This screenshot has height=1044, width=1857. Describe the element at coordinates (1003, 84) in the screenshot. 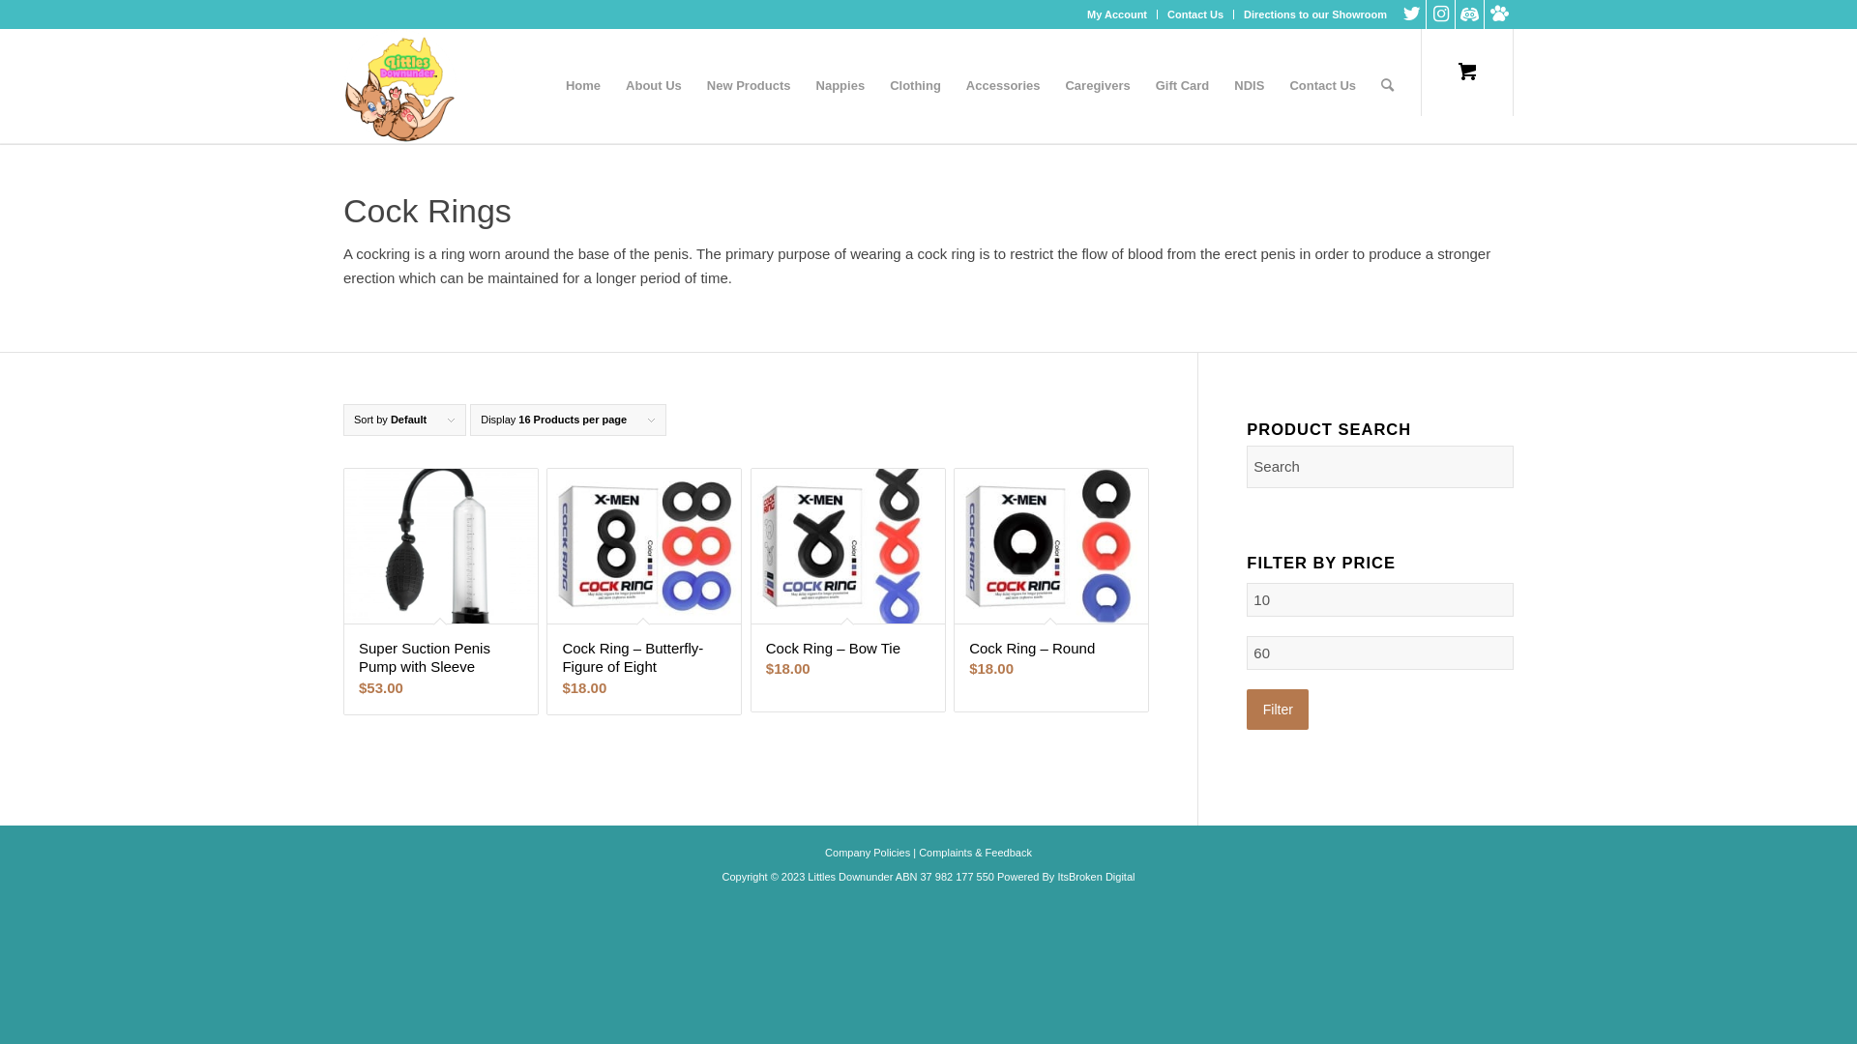

I see `'Accessories'` at that location.